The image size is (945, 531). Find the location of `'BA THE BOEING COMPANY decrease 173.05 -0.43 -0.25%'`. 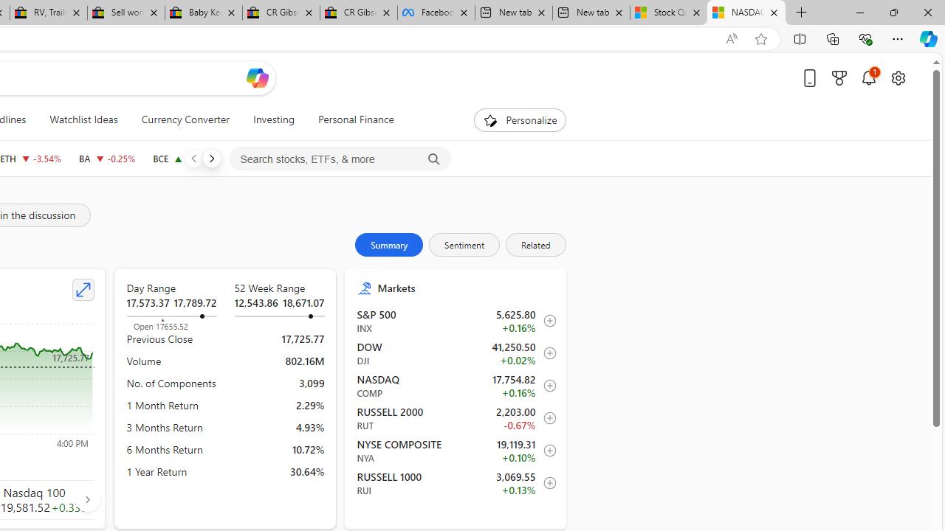

'BA THE BOEING COMPANY decrease 173.05 -0.43 -0.25%' is located at coordinates (106, 158).